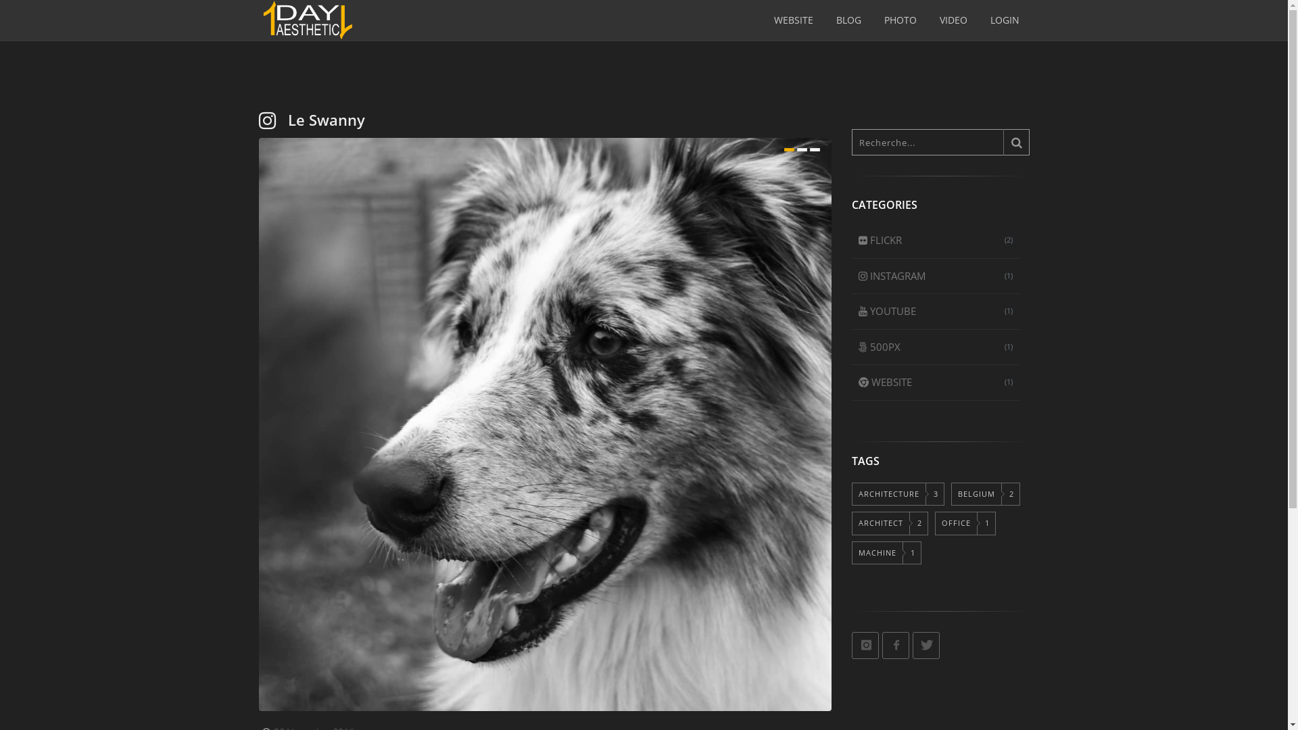 Image resolution: width=1298 pixels, height=730 pixels. Describe the element at coordinates (934, 275) in the screenshot. I see `'(1)` at that location.